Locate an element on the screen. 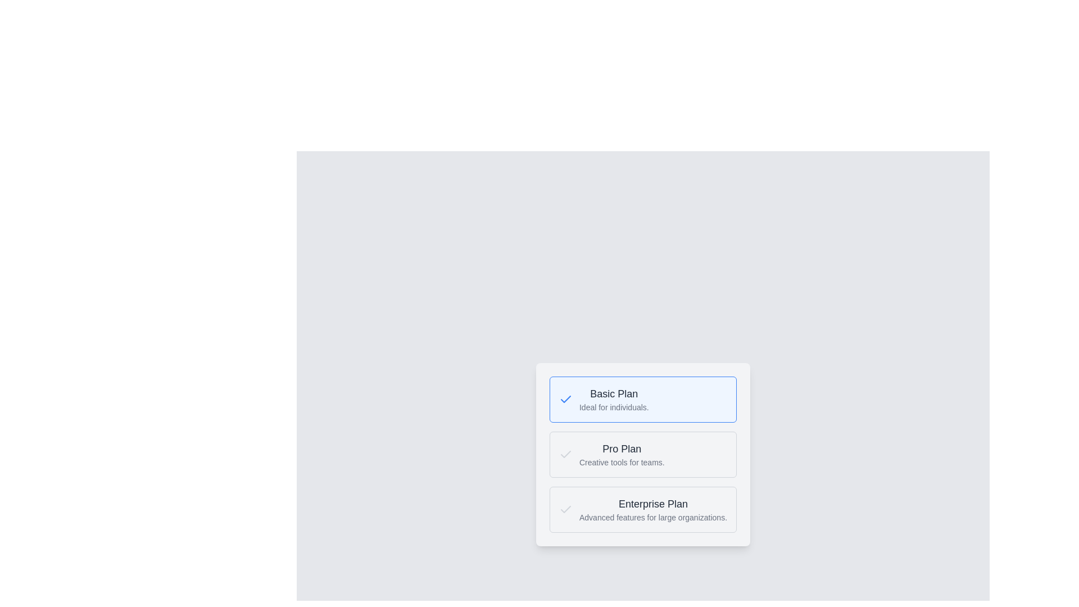 Image resolution: width=1079 pixels, height=607 pixels. the 'Pro Plan' card located centrally in the vertical list of plans is located at coordinates (643, 454).